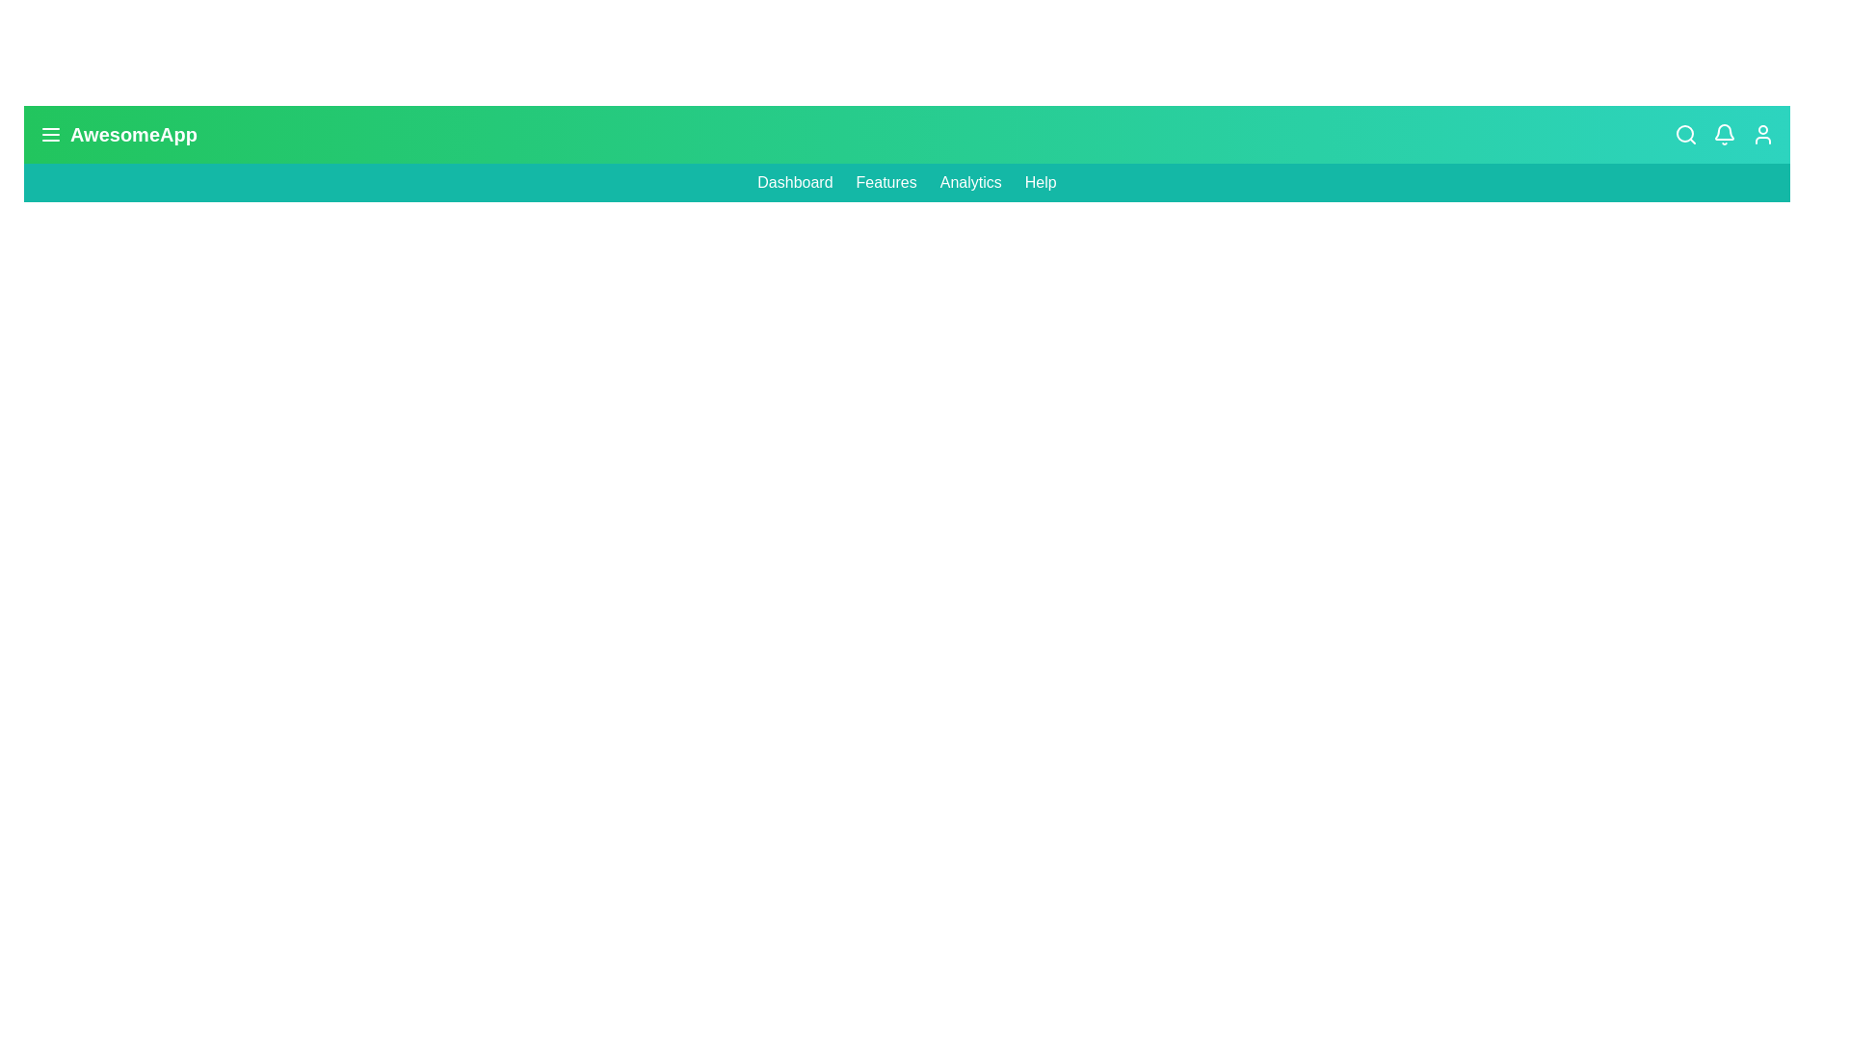 This screenshot has height=1040, width=1850. Describe the element at coordinates (885, 182) in the screenshot. I see `the 'Features' link in the navigation bar` at that location.